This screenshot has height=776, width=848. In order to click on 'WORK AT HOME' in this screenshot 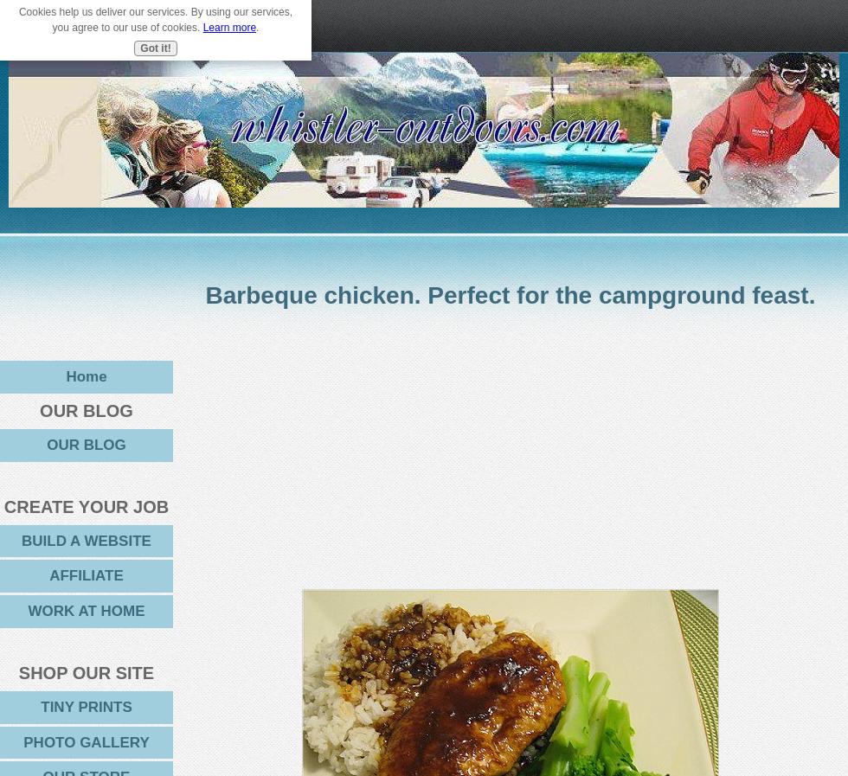, I will do `click(28, 611)`.